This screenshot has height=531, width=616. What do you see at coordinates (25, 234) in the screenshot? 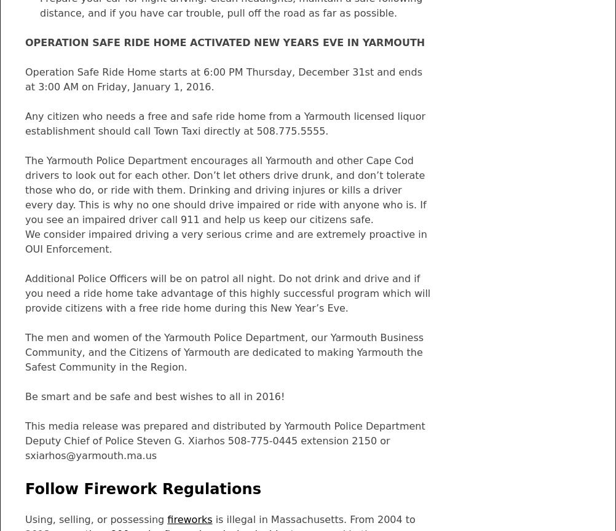
I see `'We consider impaired driving a'` at bounding box center [25, 234].